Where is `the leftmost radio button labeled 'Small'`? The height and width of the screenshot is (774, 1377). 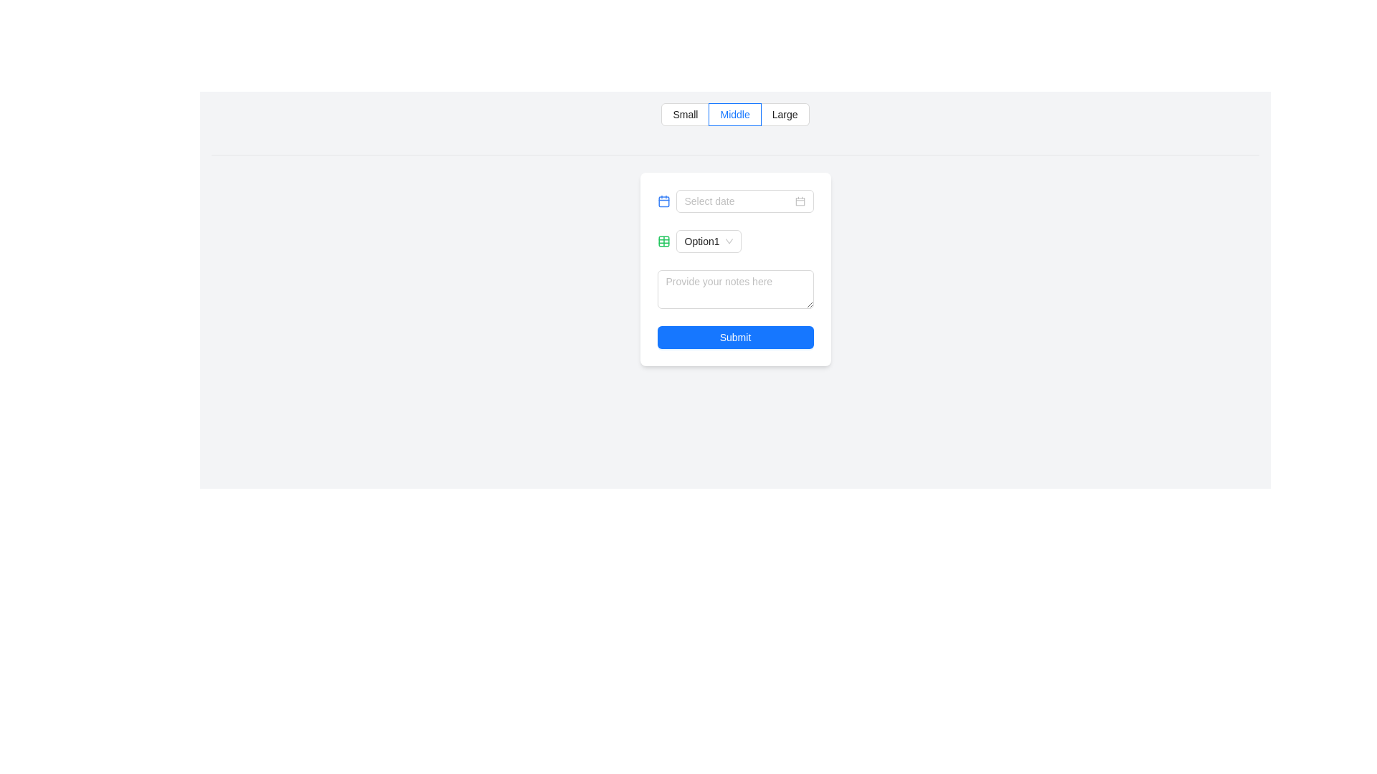
the leftmost radio button labeled 'Small' is located at coordinates (684, 113).